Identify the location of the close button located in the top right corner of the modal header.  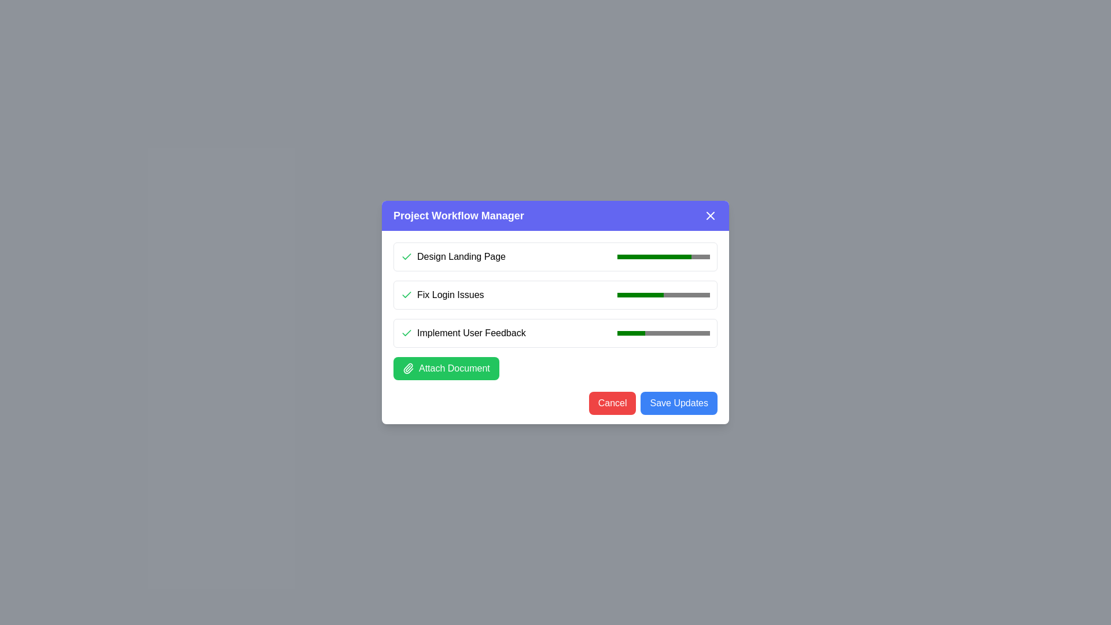
(710, 216).